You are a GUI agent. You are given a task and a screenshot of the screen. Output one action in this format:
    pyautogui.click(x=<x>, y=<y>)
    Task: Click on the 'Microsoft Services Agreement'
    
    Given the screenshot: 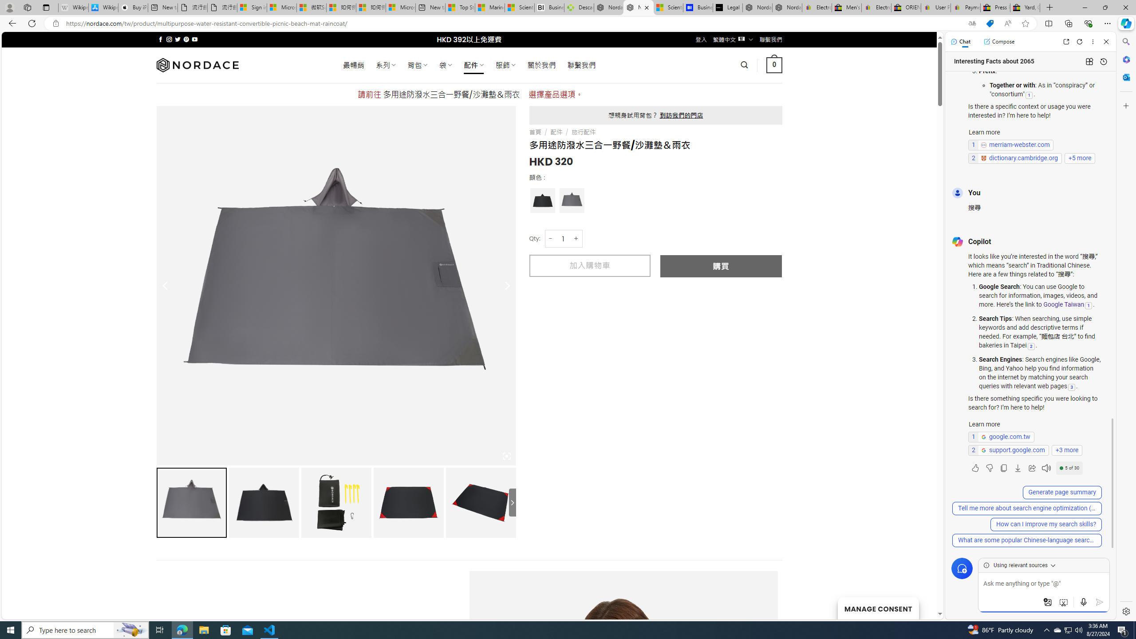 What is the action you would take?
    pyautogui.click(x=281, y=7)
    